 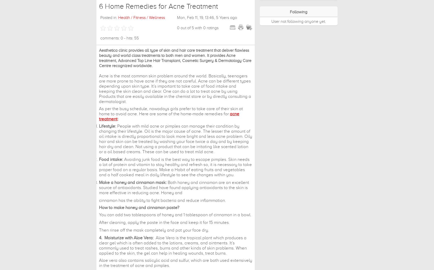 I want to click on 'Make a honey and cinnamon mask:', so click(x=99, y=182).